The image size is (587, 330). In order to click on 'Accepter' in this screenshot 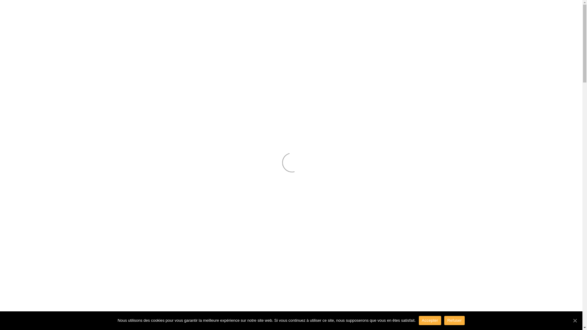, I will do `click(430, 320)`.